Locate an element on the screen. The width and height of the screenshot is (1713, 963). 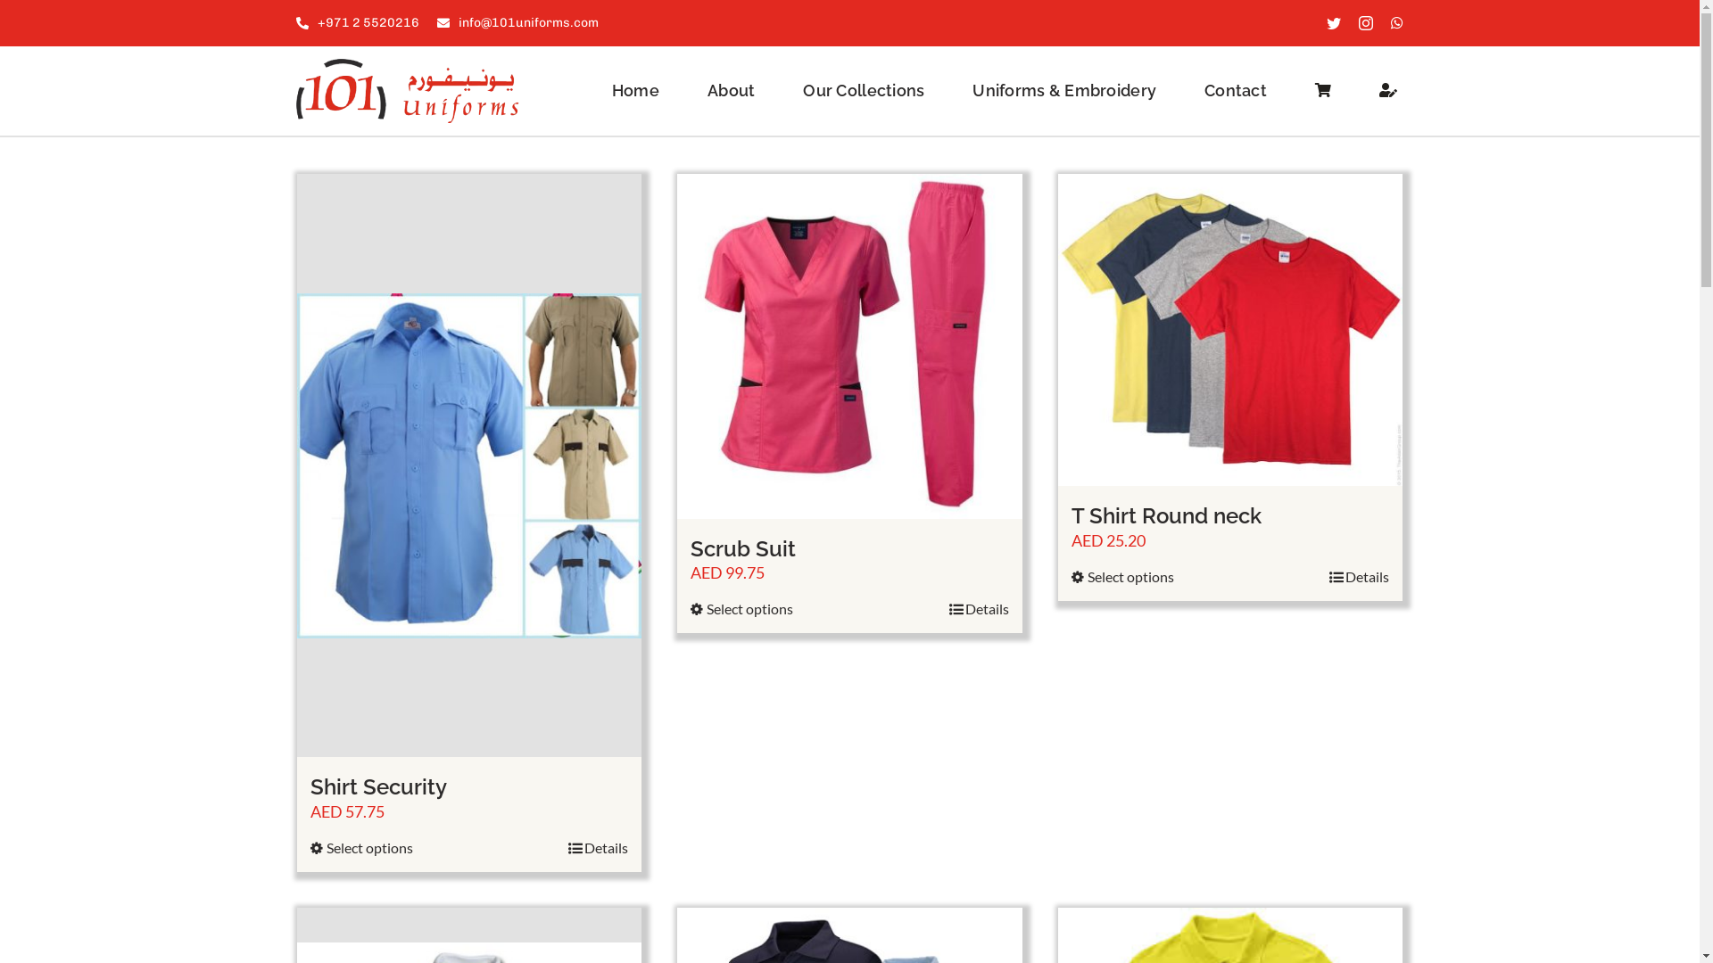
'Uniforms & Embroidery' is located at coordinates (1064, 90).